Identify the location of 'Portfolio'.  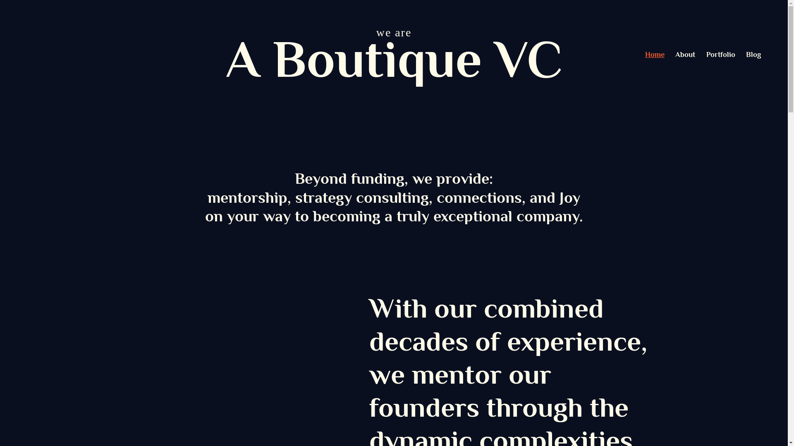
(720, 54).